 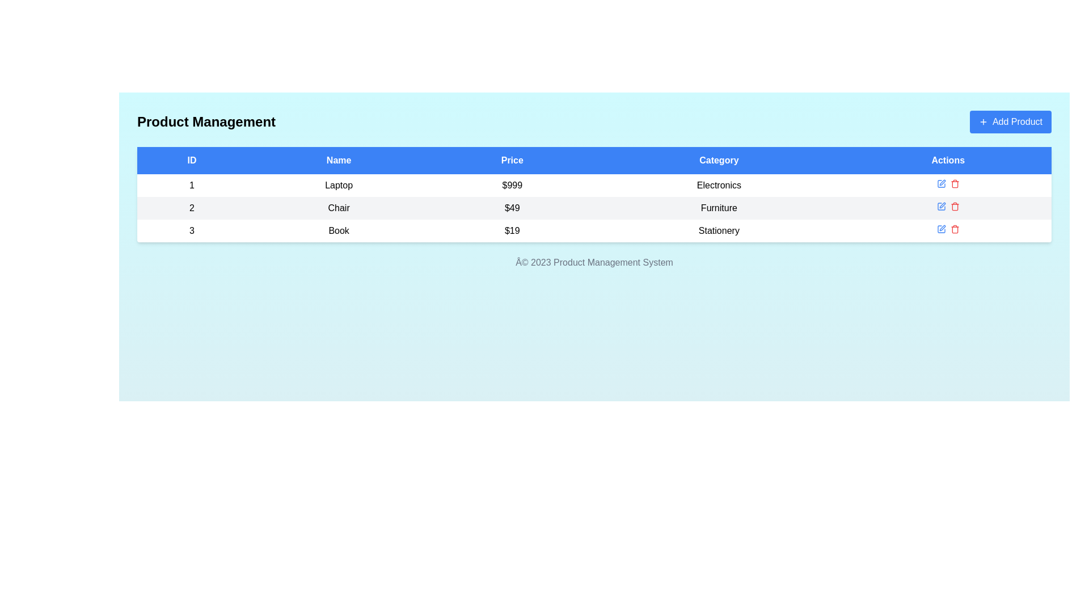 I want to click on the price text label displaying the price for the 'Book' item in the product listing, located in the third row of the table under the 'Price' column, so click(x=512, y=230).